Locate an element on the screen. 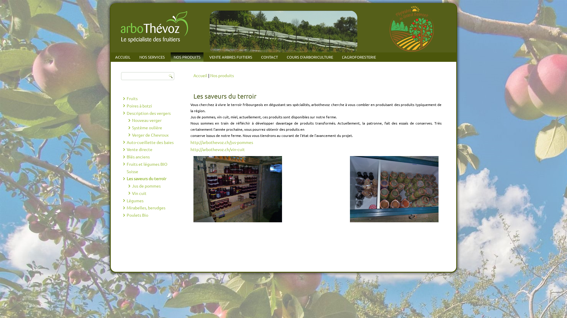 This screenshot has height=318, width=567. 'http://arbothevoz.ch/vin-cuit' is located at coordinates (217, 149).